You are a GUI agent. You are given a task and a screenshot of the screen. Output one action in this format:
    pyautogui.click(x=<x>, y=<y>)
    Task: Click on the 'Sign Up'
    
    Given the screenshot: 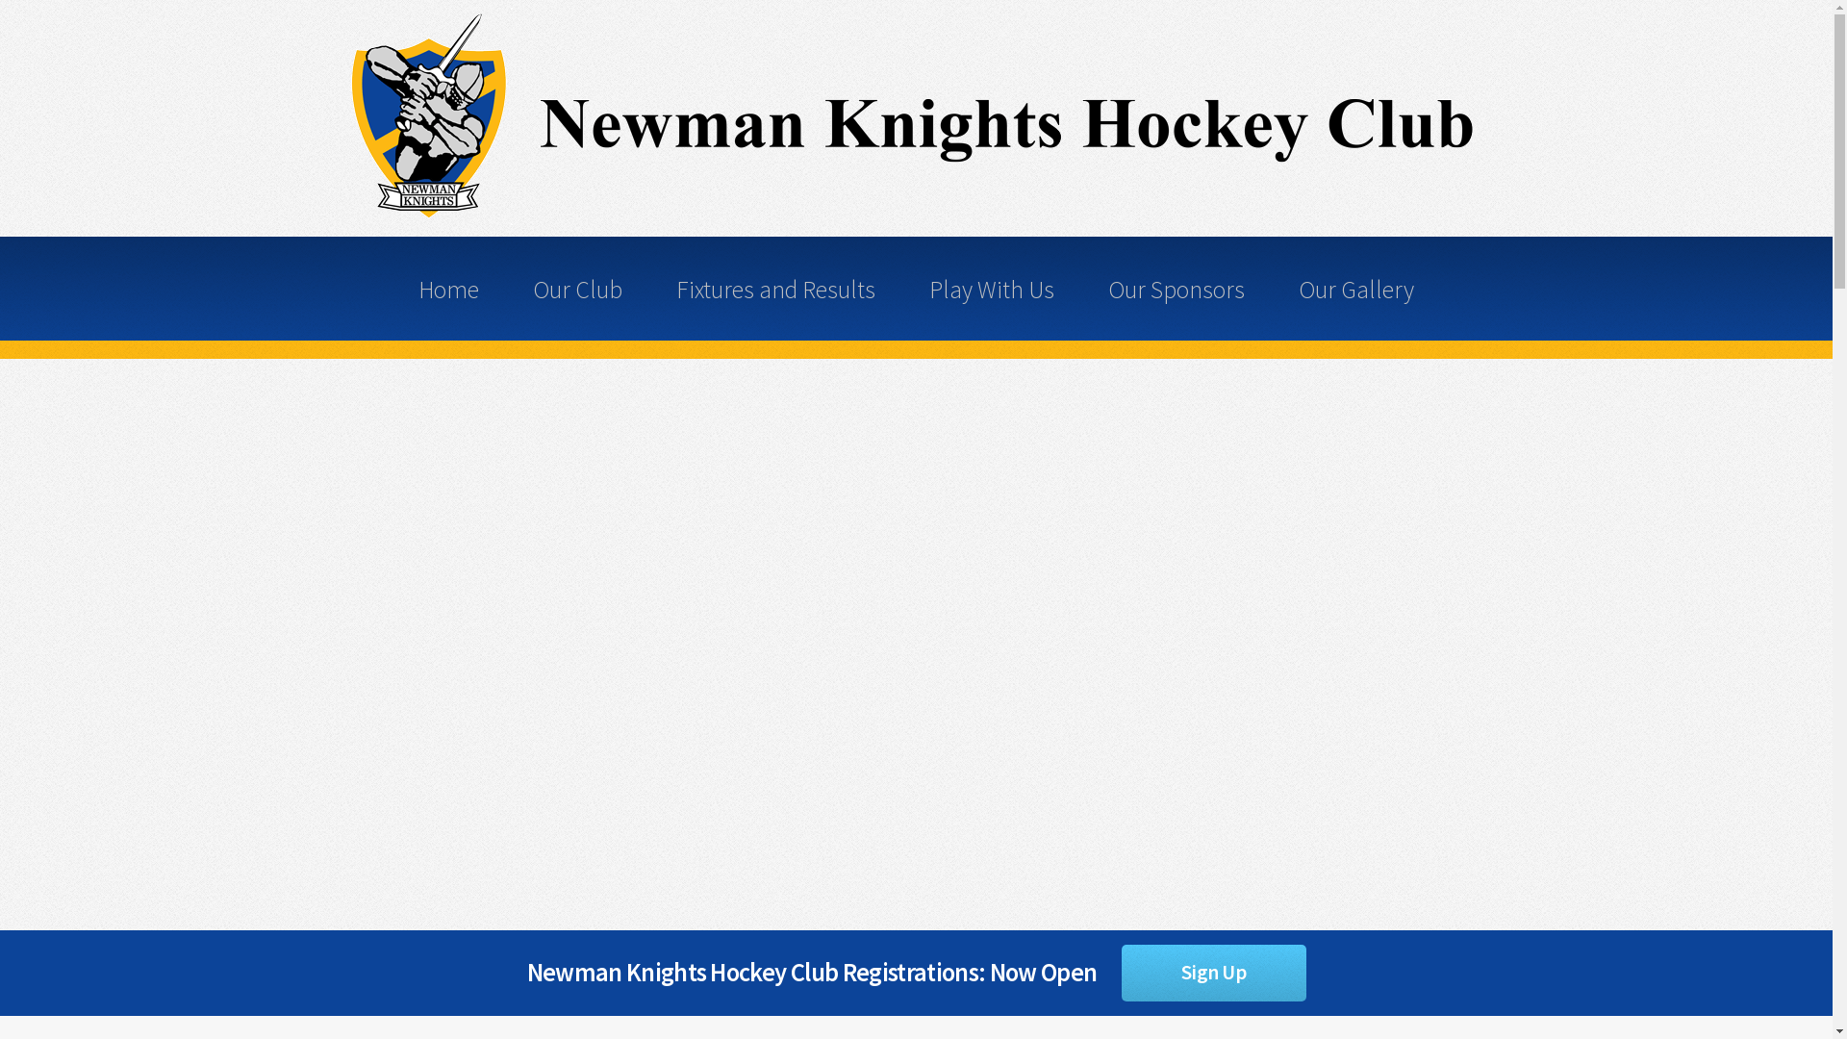 What is the action you would take?
    pyautogui.click(x=1213, y=973)
    